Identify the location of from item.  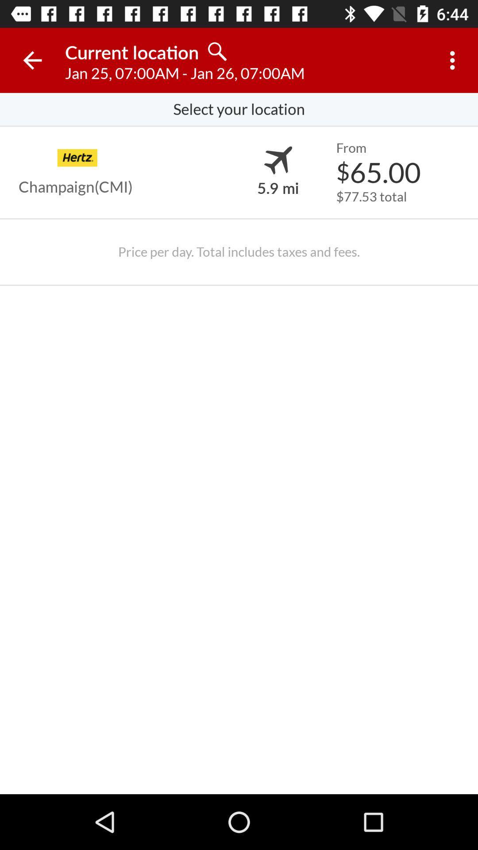
(351, 148).